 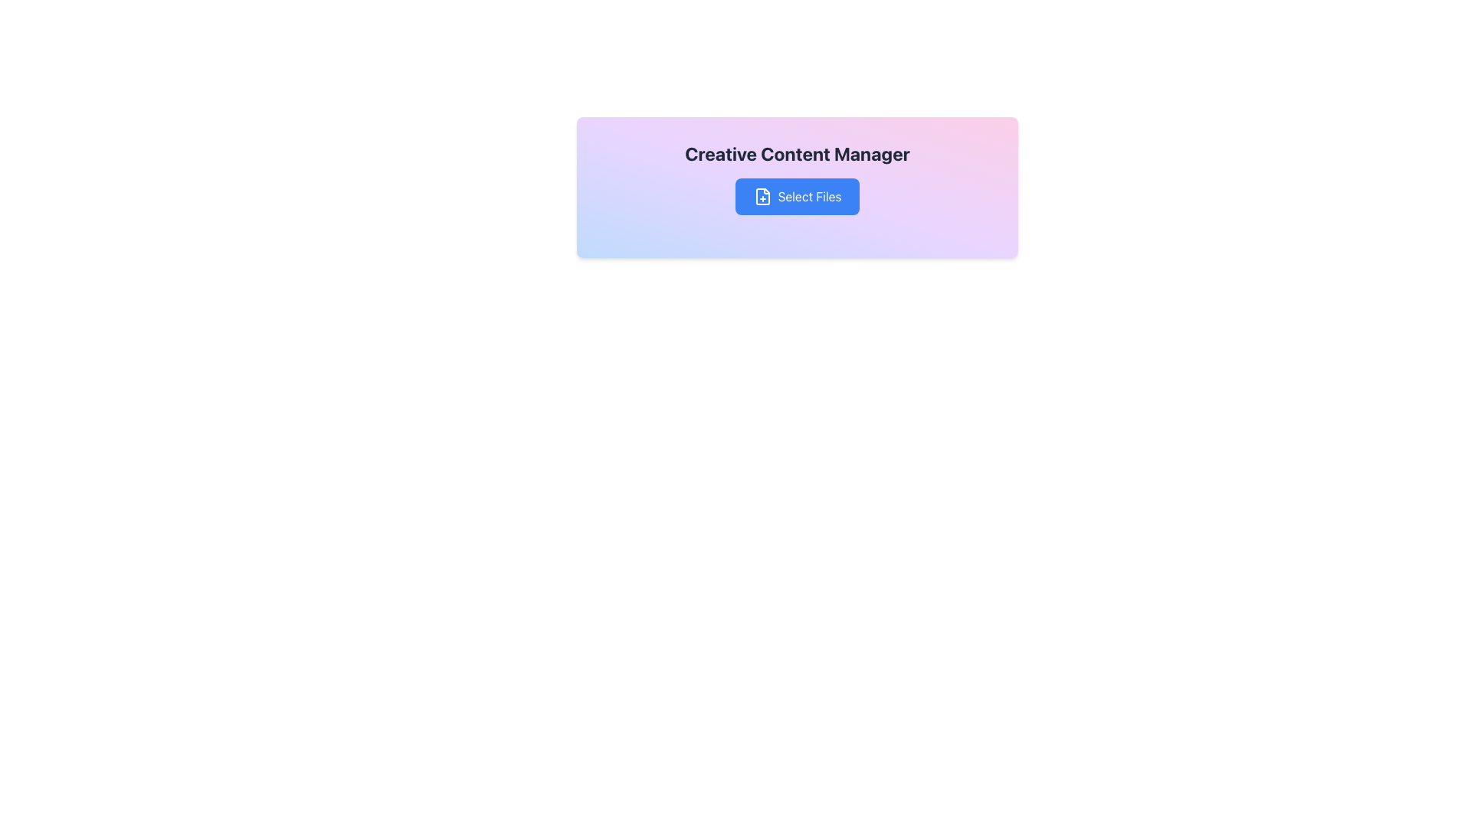 I want to click on the icon located within the 'Select Files' button that is centered below the title 'Creative Content Manager', so click(x=762, y=196).